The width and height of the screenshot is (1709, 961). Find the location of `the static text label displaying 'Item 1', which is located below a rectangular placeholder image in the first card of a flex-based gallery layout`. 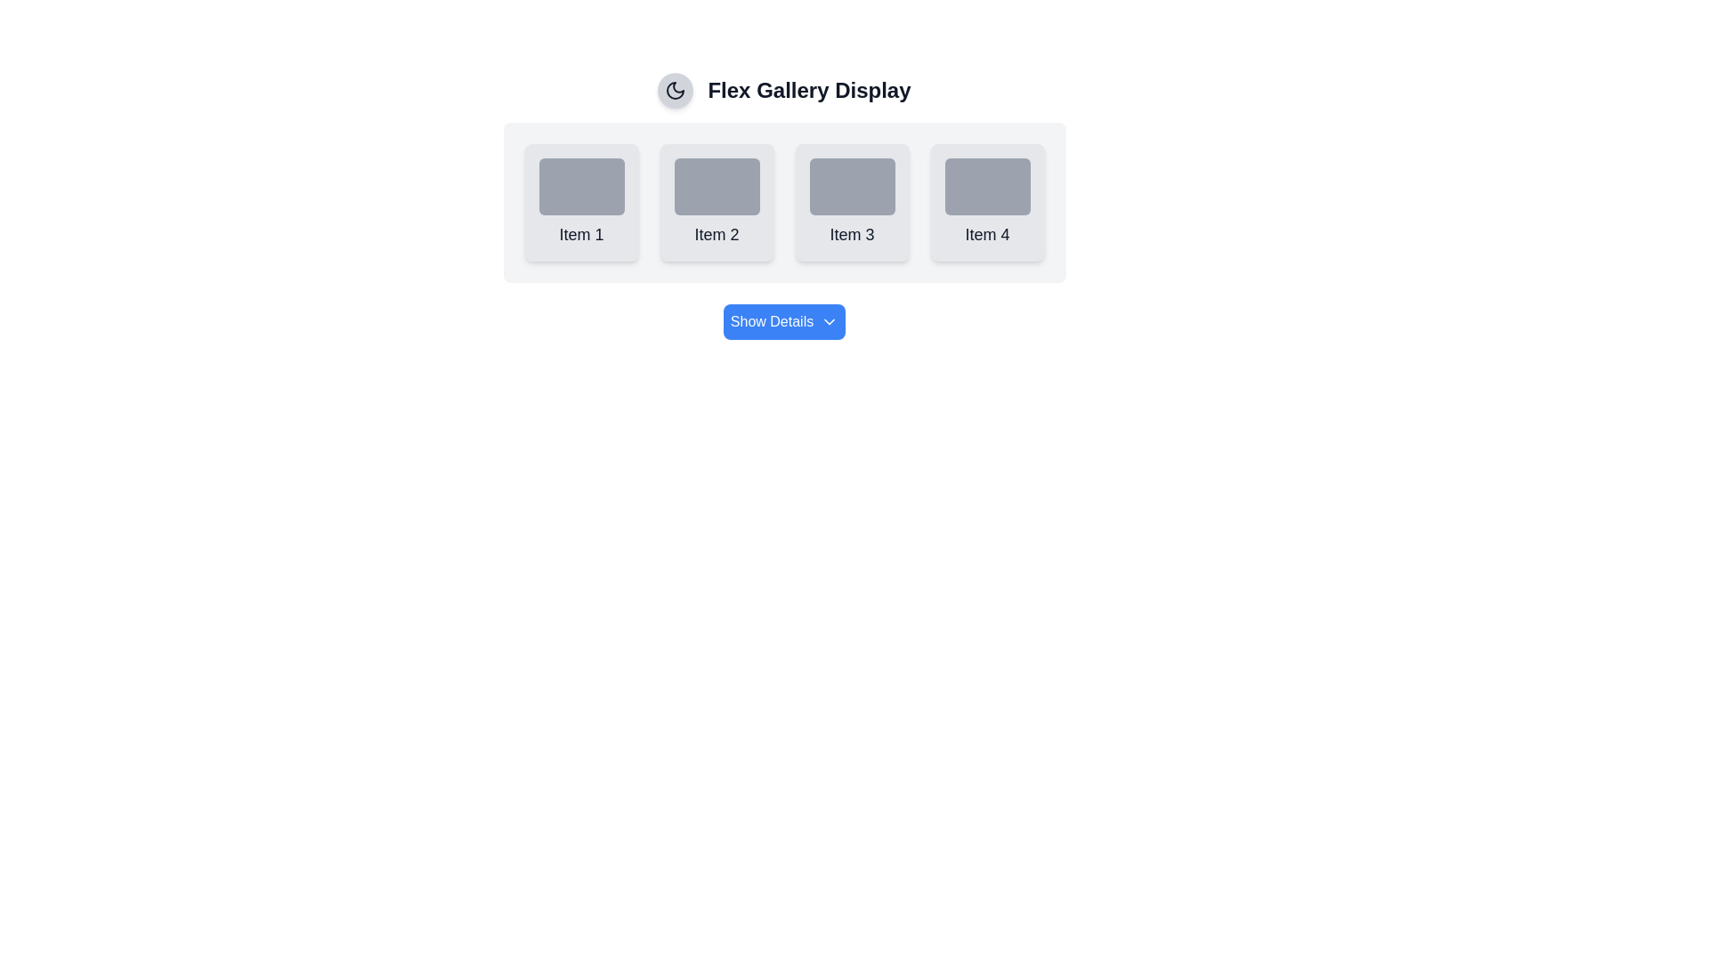

the static text label displaying 'Item 1', which is located below a rectangular placeholder image in the first card of a flex-based gallery layout is located at coordinates (581, 233).